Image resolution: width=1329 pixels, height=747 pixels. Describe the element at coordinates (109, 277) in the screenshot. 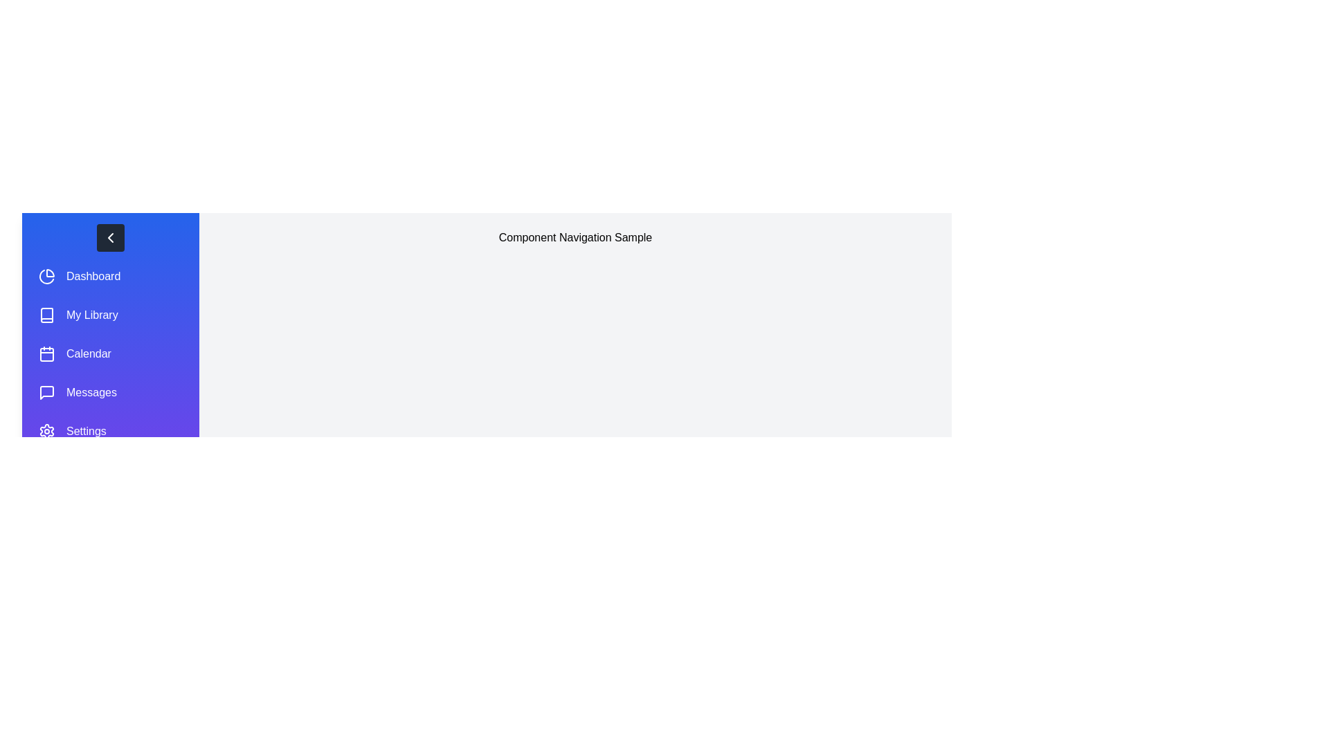

I see `the menu item Dashboard from the navigation panel` at that location.